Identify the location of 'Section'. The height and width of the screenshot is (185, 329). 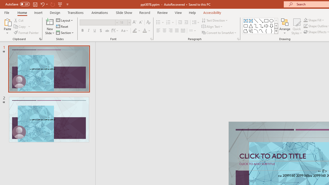
(65, 33).